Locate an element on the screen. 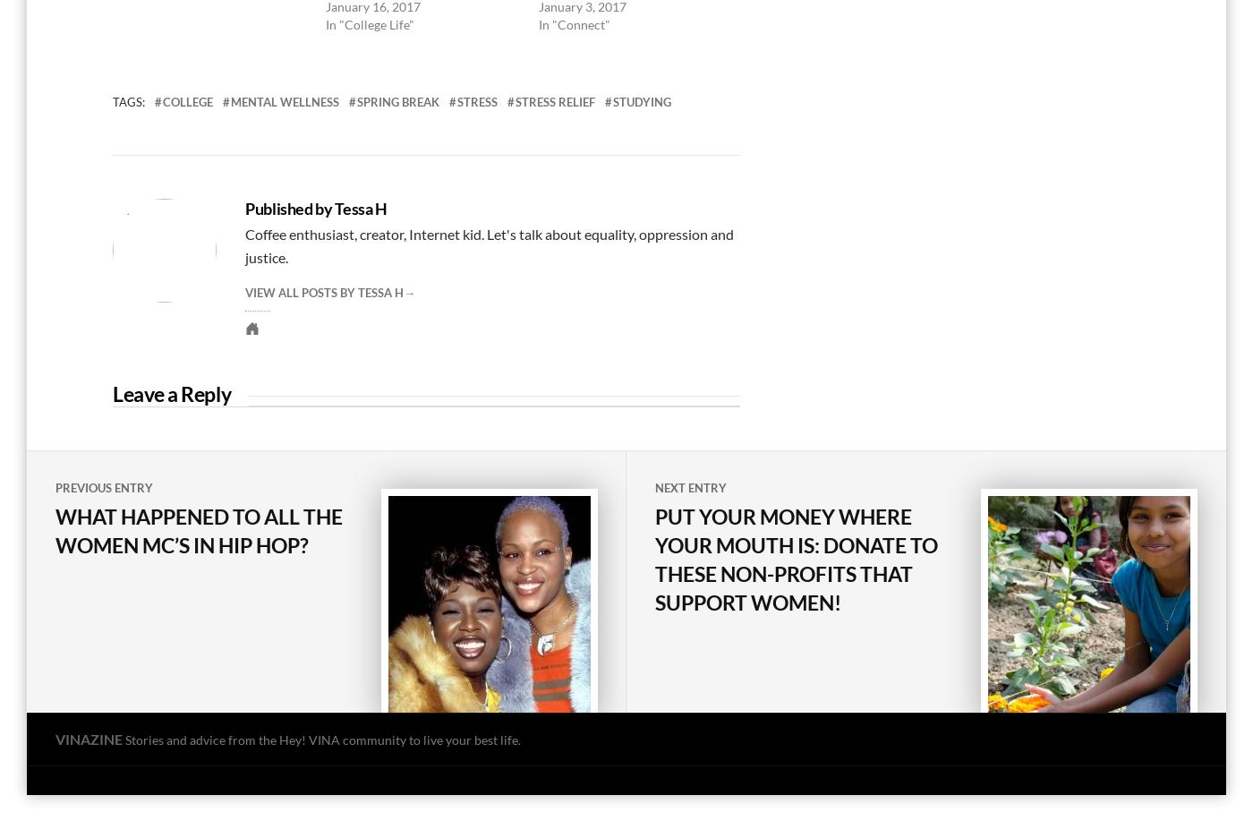  'VINAZINE' is located at coordinates (55, 738).